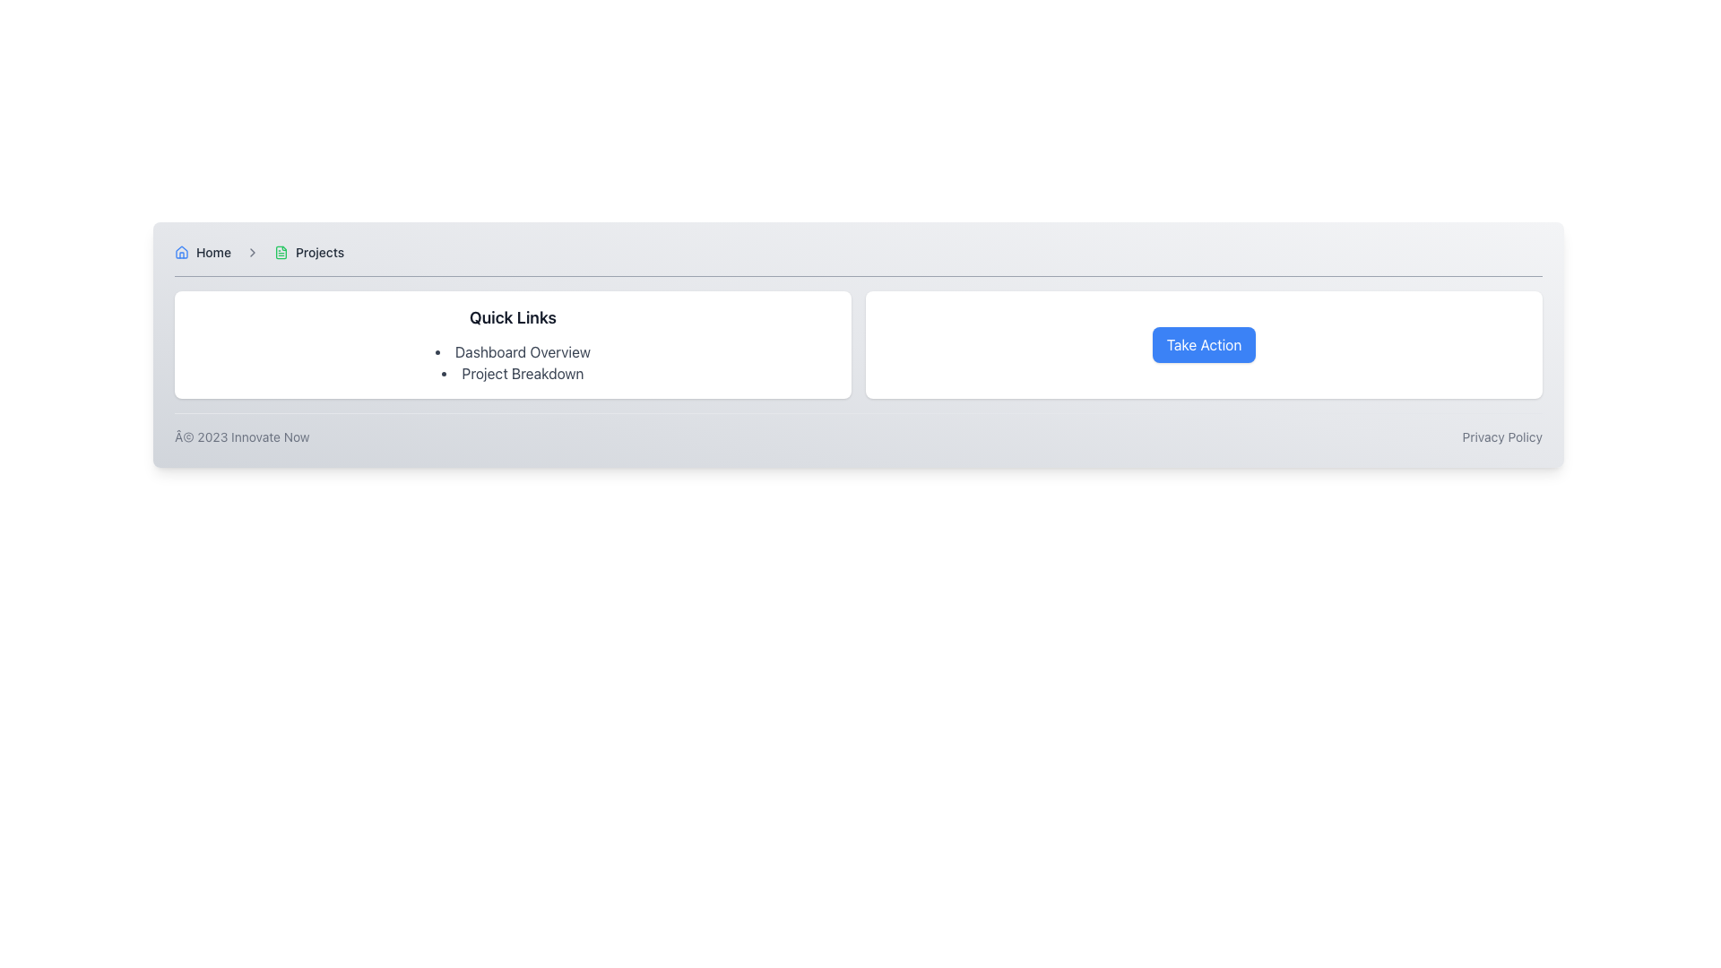 This screenshot has height=968, width=1721. What do you see at coordinates (1502, 437) in the screenshot?
I see `the clickable hyperlink in the footer section that directs users to the privacy policy, located beside '© 2023 Innovate Now'` at bounding box center [1502, 437].